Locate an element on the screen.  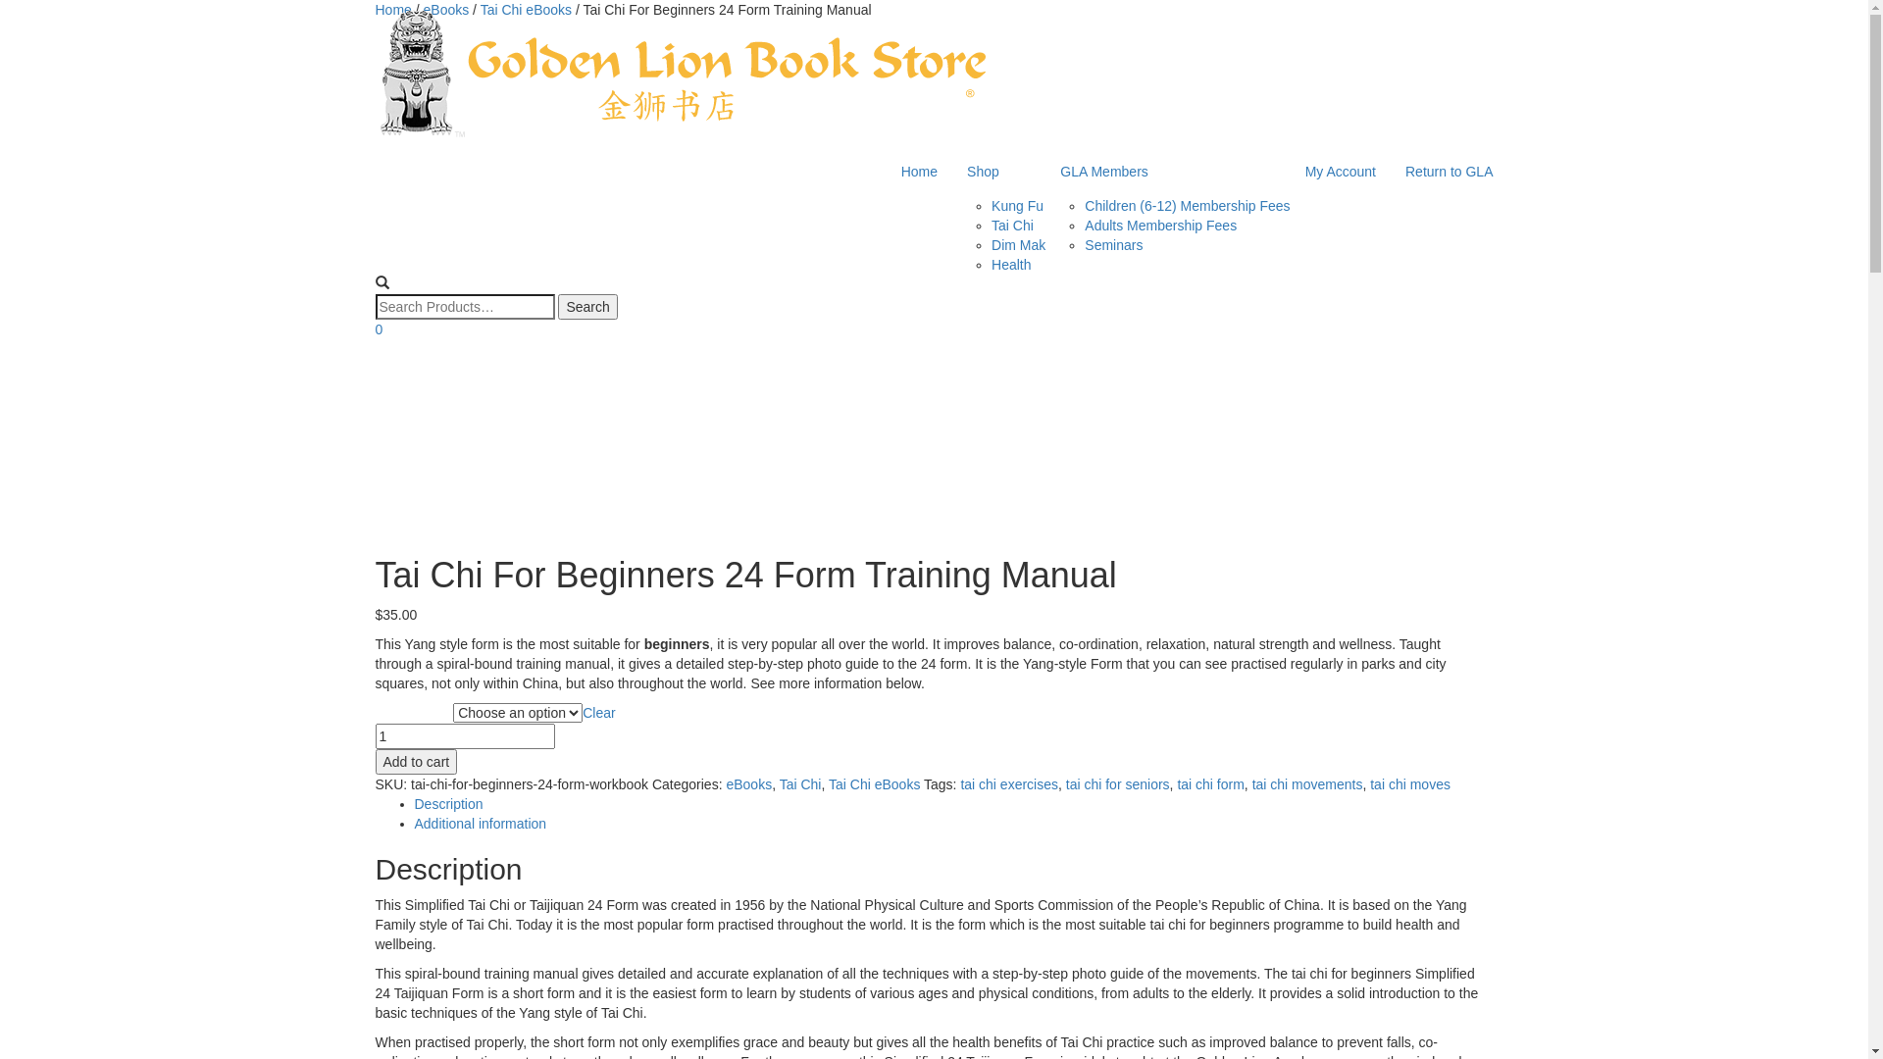
'My Account' is located at coordinates (1340, 170).